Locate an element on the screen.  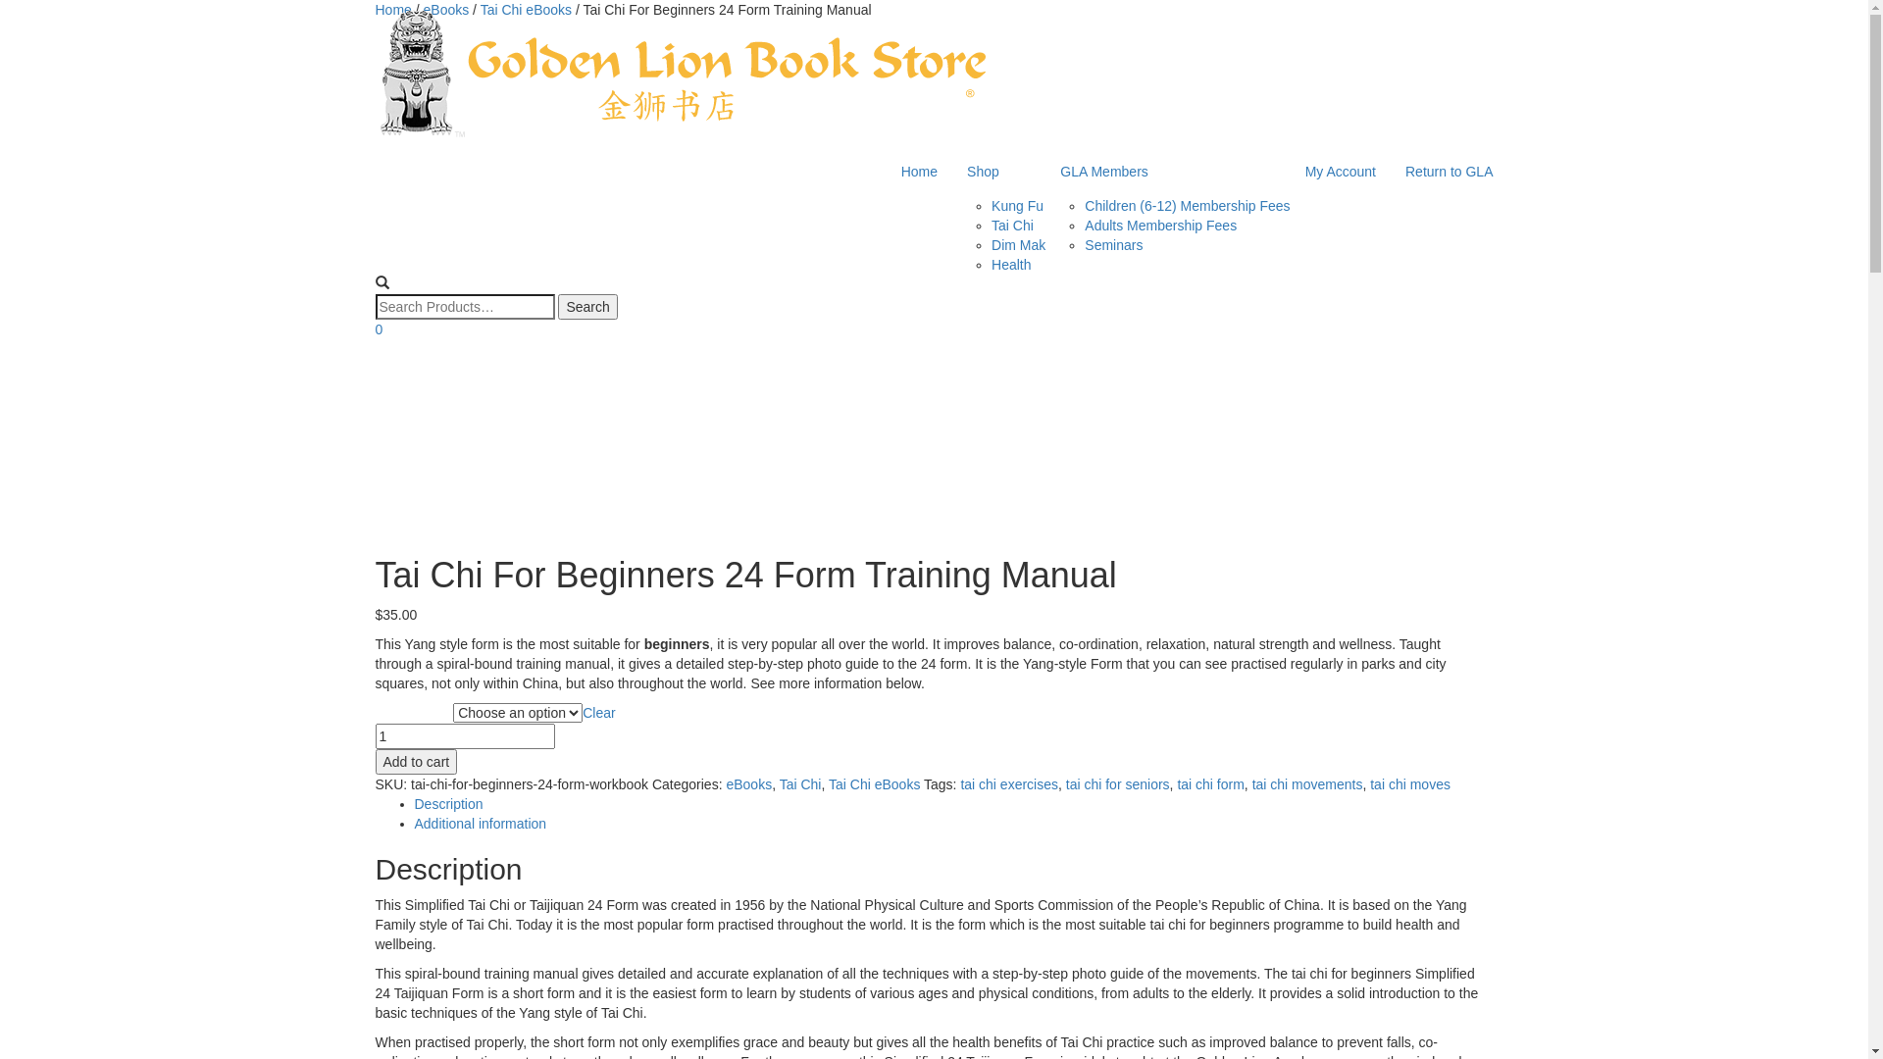
'My Account' is located at coordinates (1340, 170).